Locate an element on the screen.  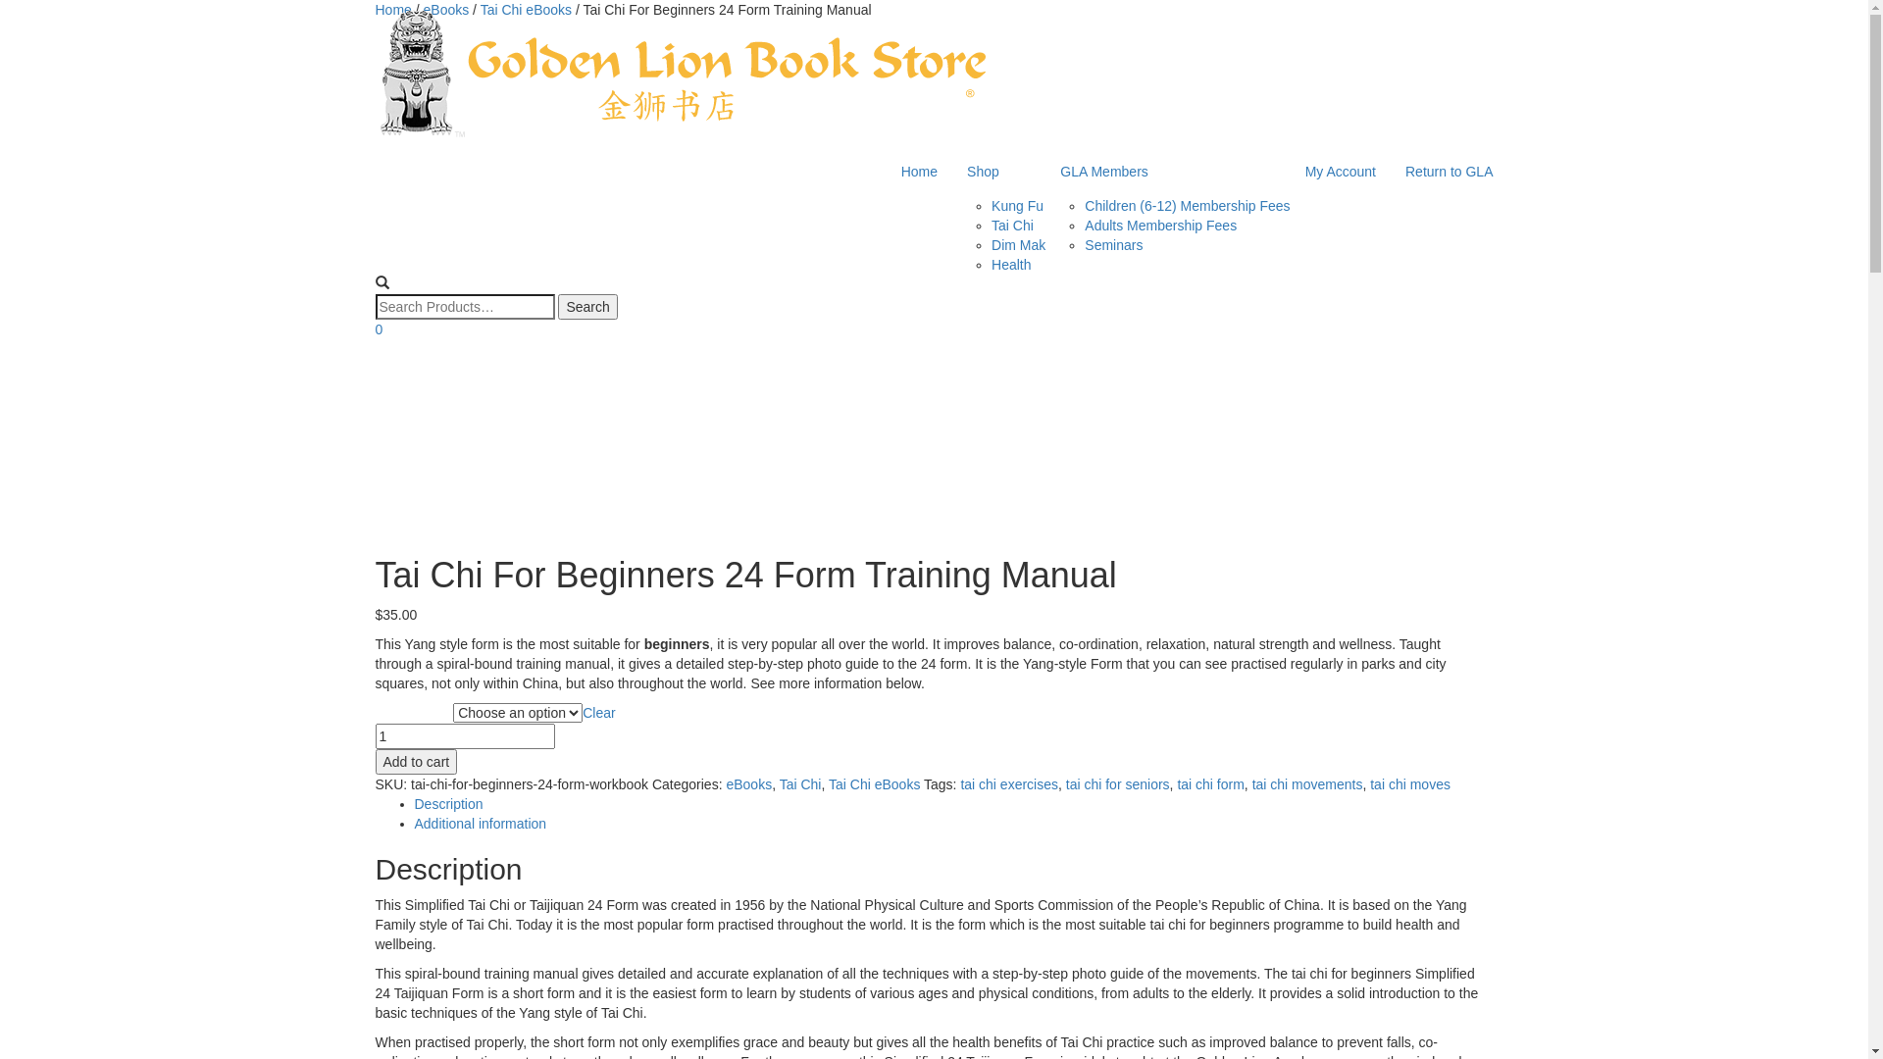
'My Account' is located at coordinates (1340, 170).